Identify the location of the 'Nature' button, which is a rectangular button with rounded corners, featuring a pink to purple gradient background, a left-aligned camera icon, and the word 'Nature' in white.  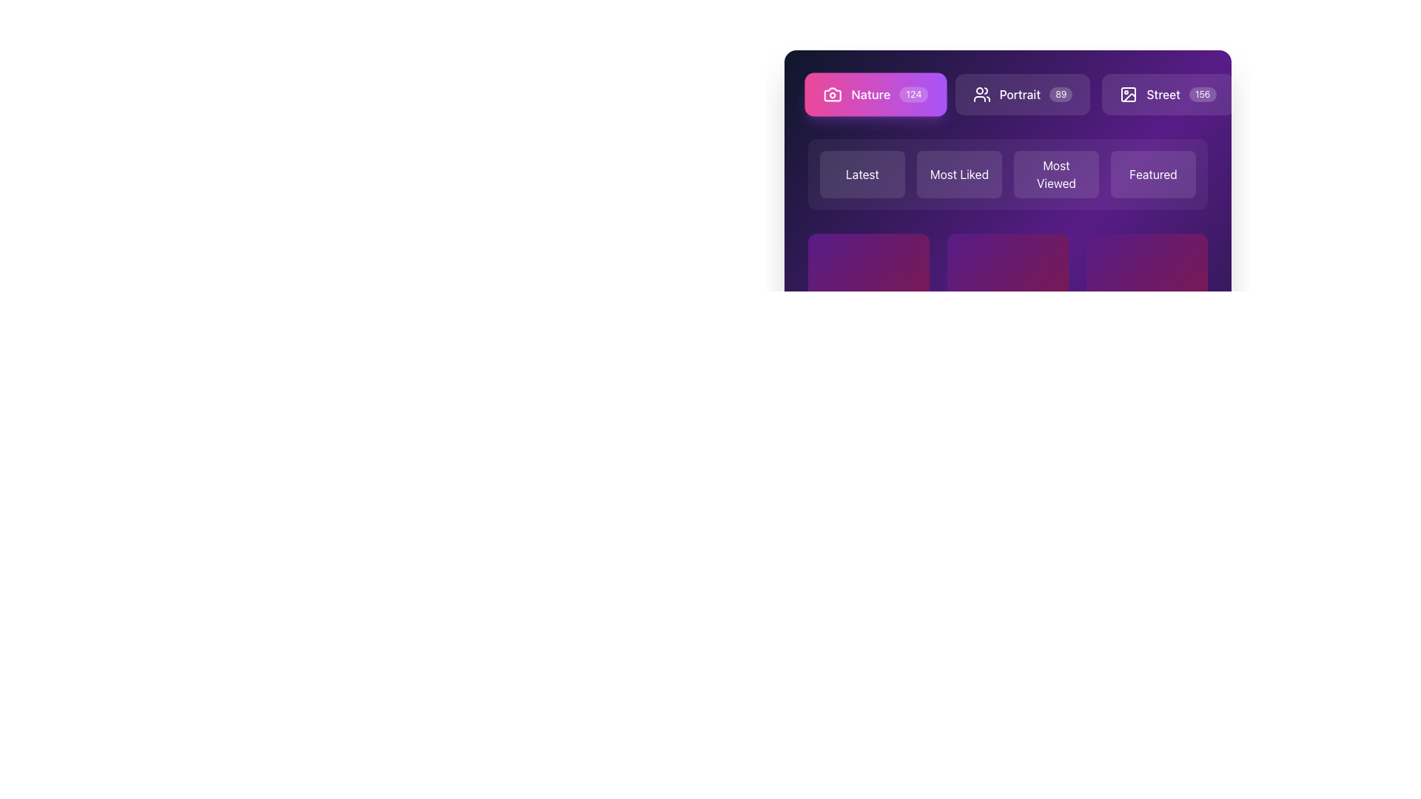
(876, 94).